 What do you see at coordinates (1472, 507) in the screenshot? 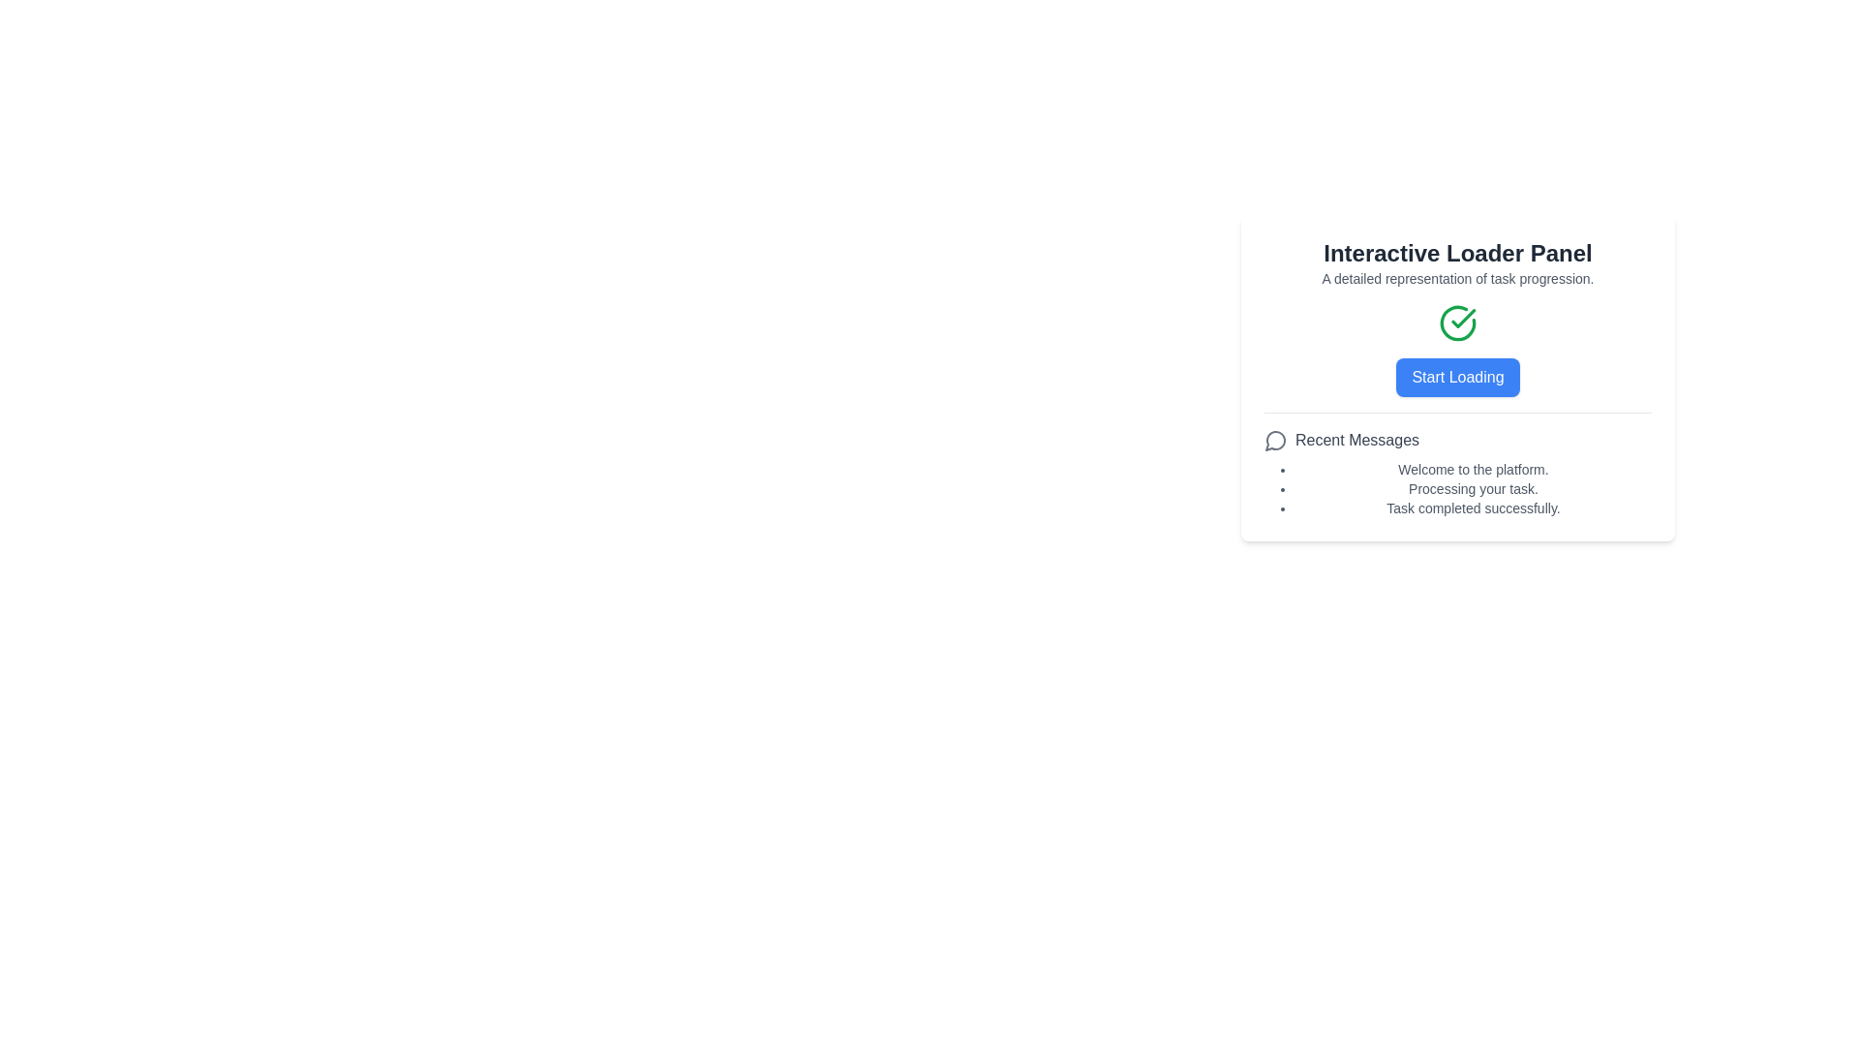
I see `the text element that reads 'Task completed successfully.', which is the third item in the 'Recent Messages' list` at bounding box center [1472, 507].